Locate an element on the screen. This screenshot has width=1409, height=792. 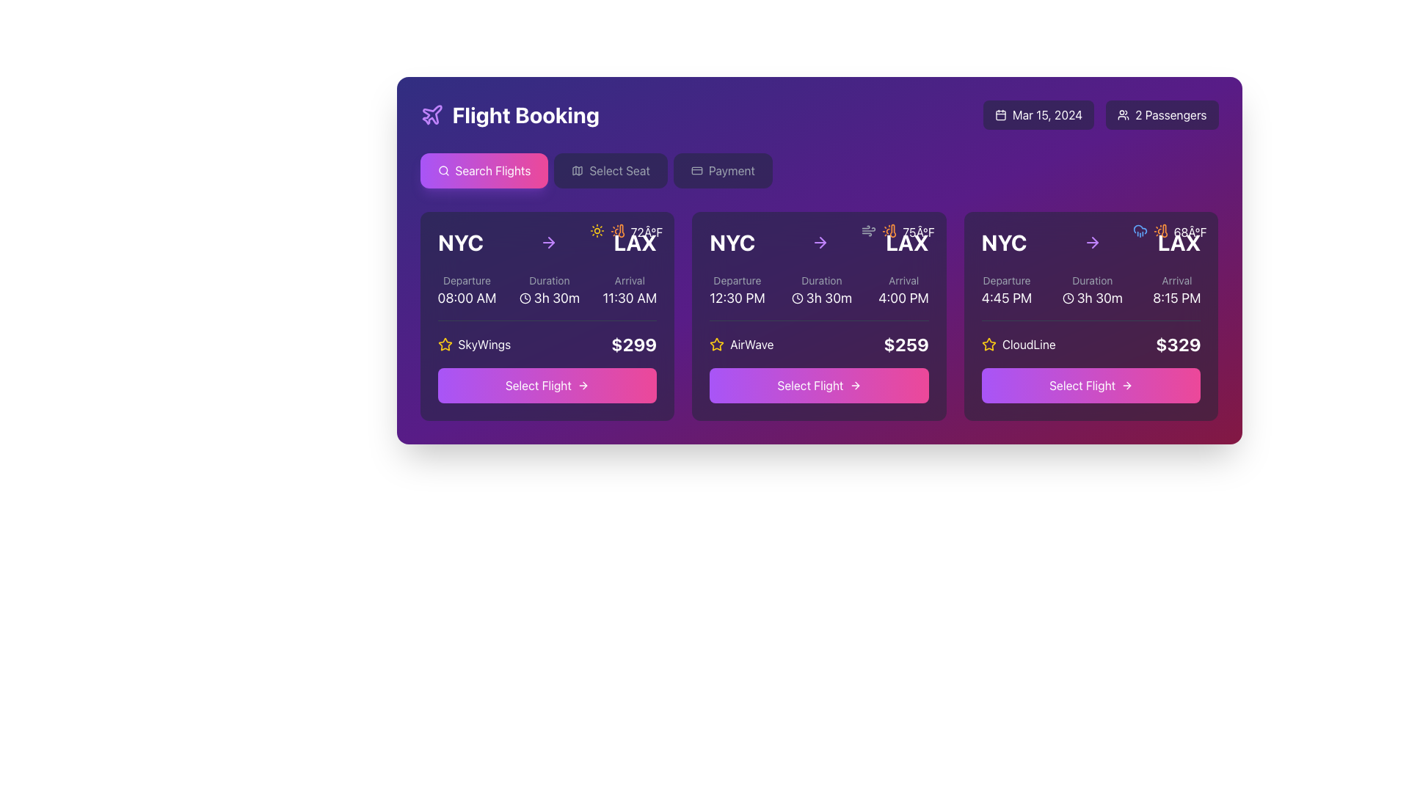
departure time, flight duration, and arrival time displayed in the Information display block located in the third flight card beneath the 'NYC → LAX' heading is located at coordinates (1091, 291).